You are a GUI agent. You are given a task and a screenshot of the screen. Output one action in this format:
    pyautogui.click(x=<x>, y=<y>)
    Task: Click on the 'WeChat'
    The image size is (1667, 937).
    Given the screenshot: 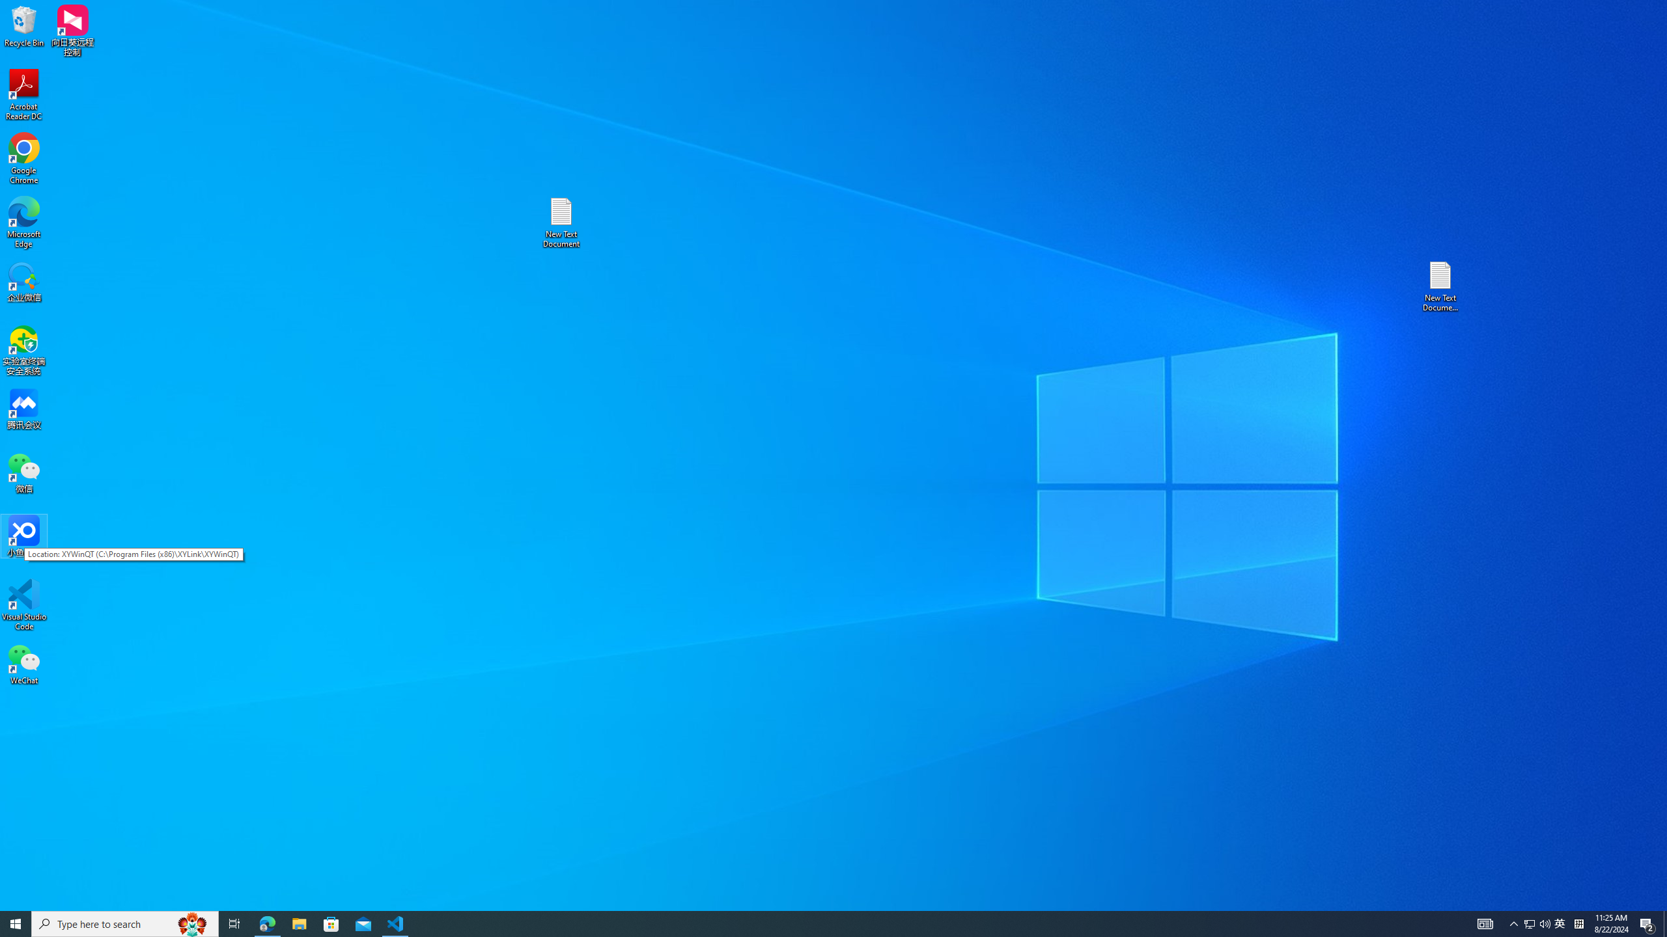 What is the action you would take?
    pyautogui.click(x=23, y=663)
    